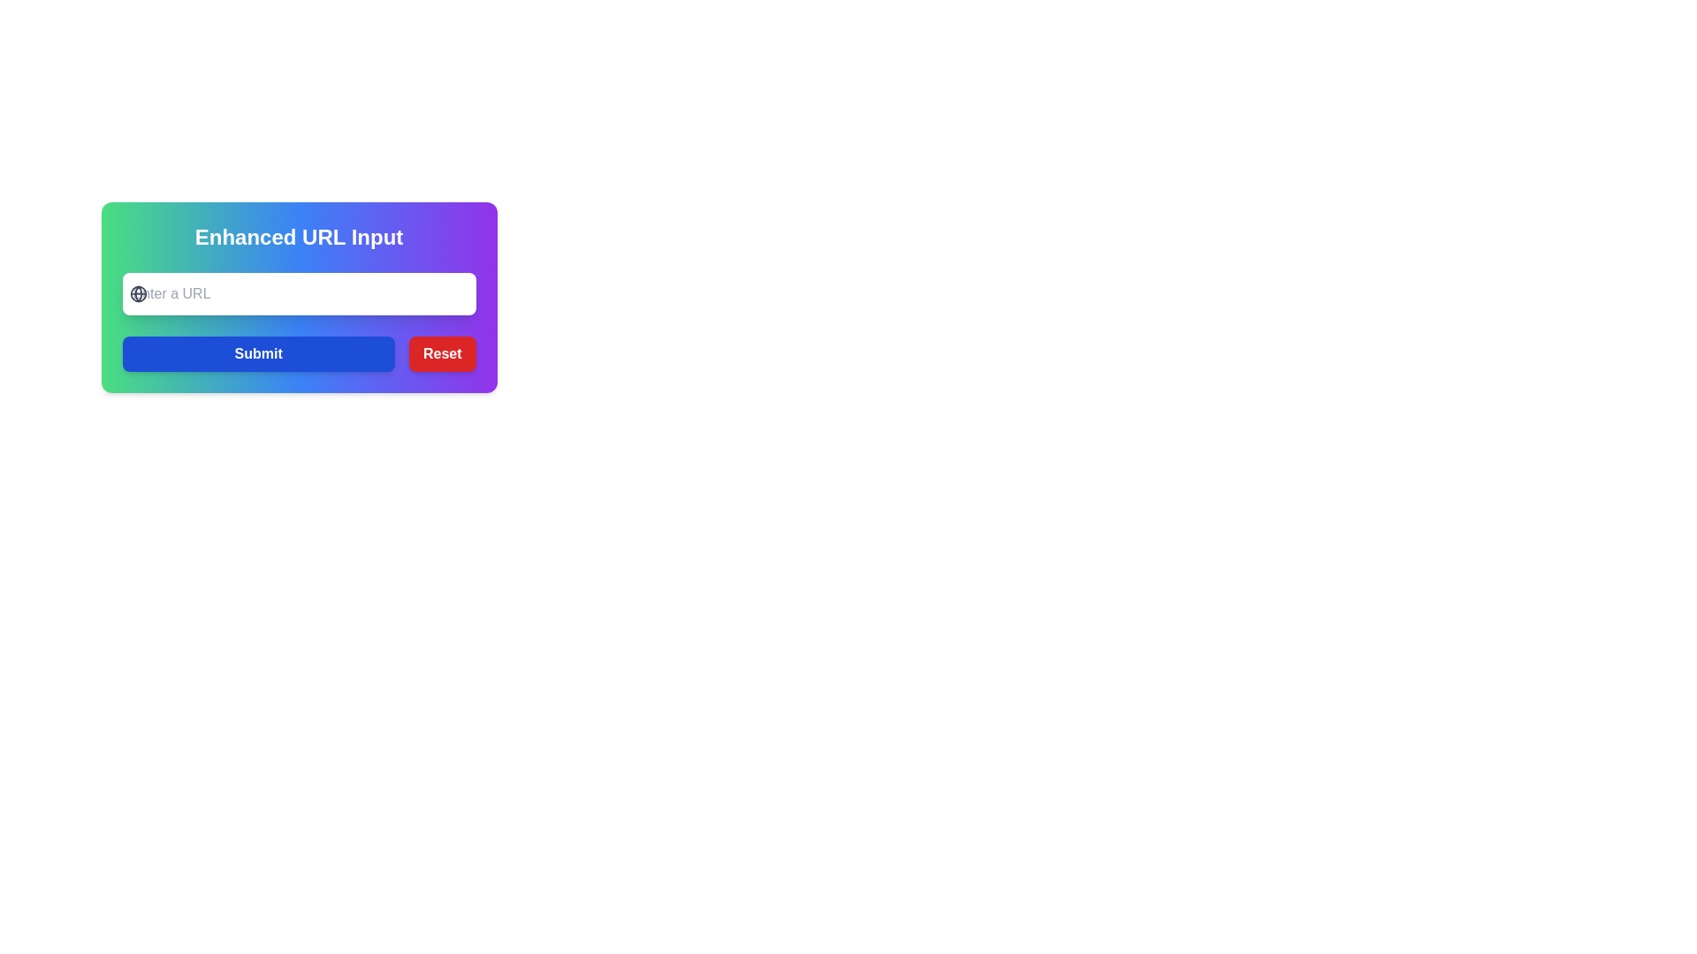 Image resolution: width=1697 pixels, height=954 pixels. What do you see at coordinates (257, 354) in the screenshot?
I see `the 'Submit' button, which is a rectangular button with a bold white font on a blue background` at bounding box center [257, 354].